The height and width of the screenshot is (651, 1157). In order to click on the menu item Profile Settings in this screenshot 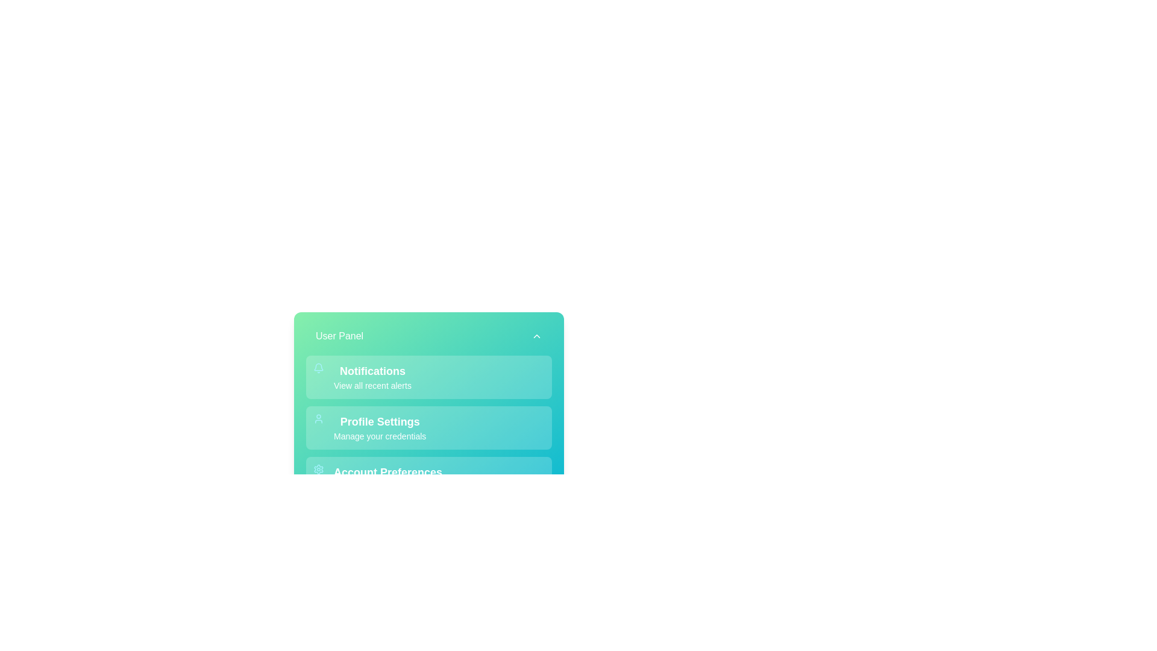, I will do `click(428, 427)`.